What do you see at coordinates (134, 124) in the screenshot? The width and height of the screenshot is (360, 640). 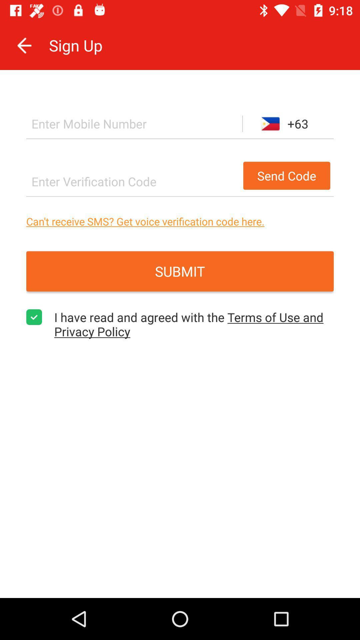 I see `mobile number` at bounding box center [134, 124].